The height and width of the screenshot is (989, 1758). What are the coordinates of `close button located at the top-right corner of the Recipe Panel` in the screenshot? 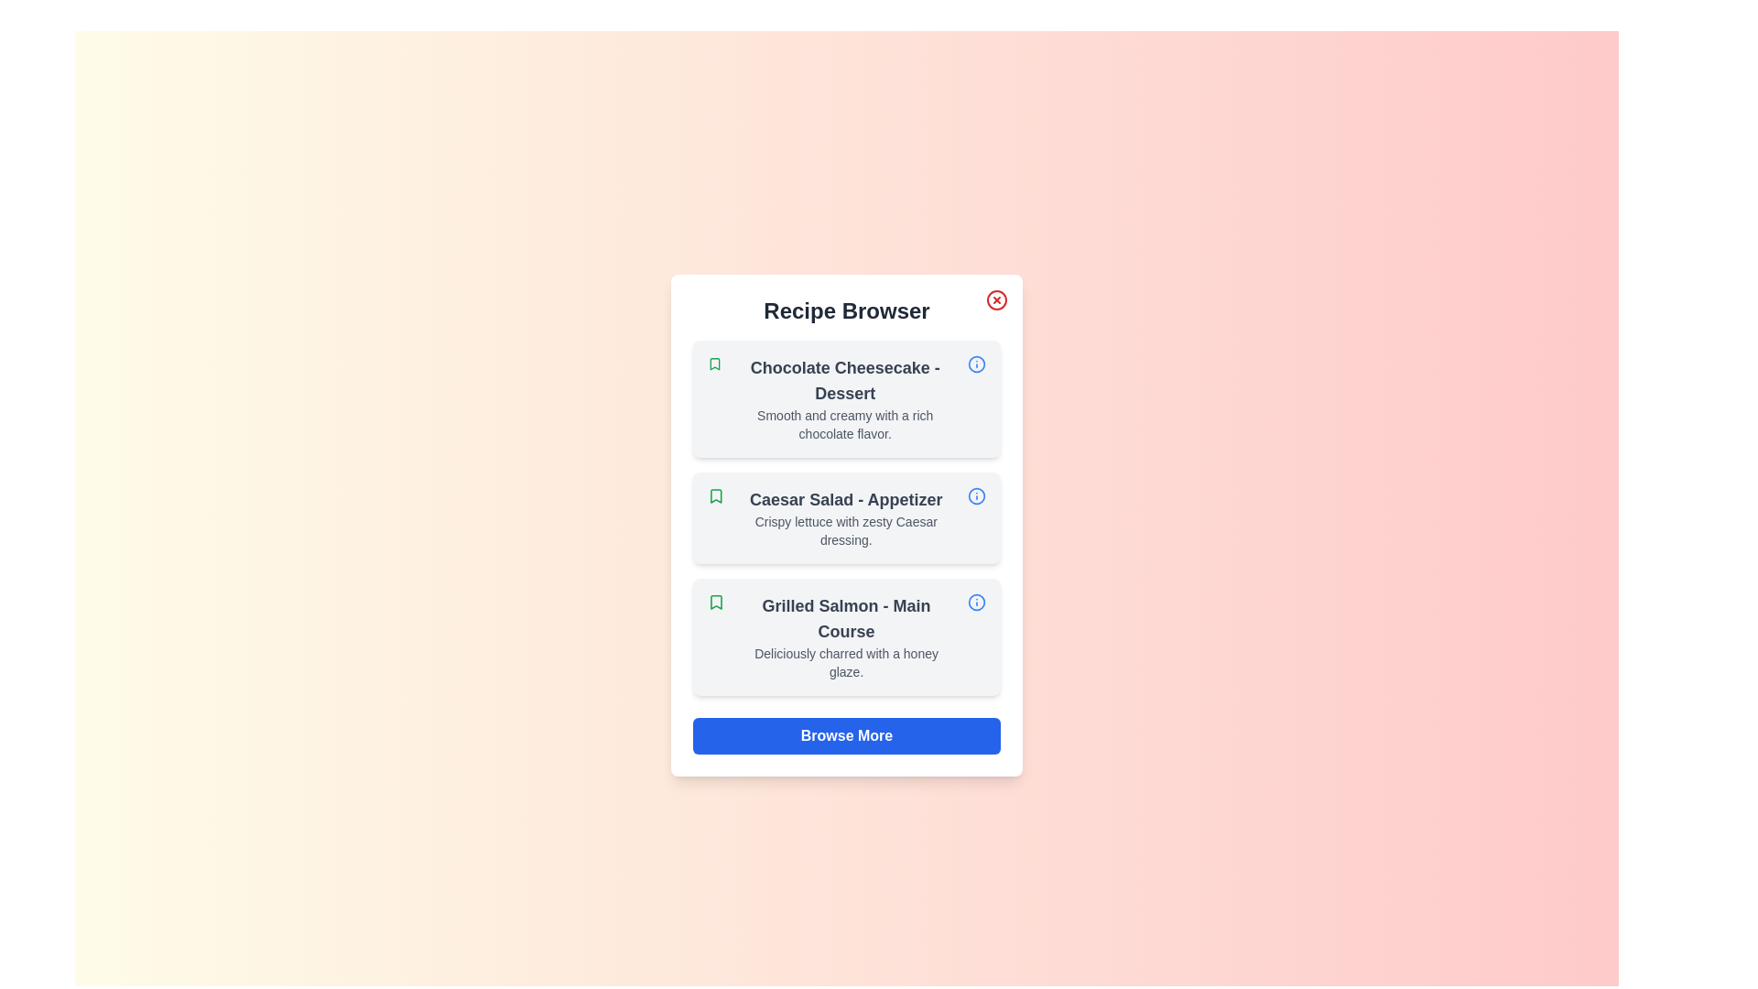 It's located at (996, 299).